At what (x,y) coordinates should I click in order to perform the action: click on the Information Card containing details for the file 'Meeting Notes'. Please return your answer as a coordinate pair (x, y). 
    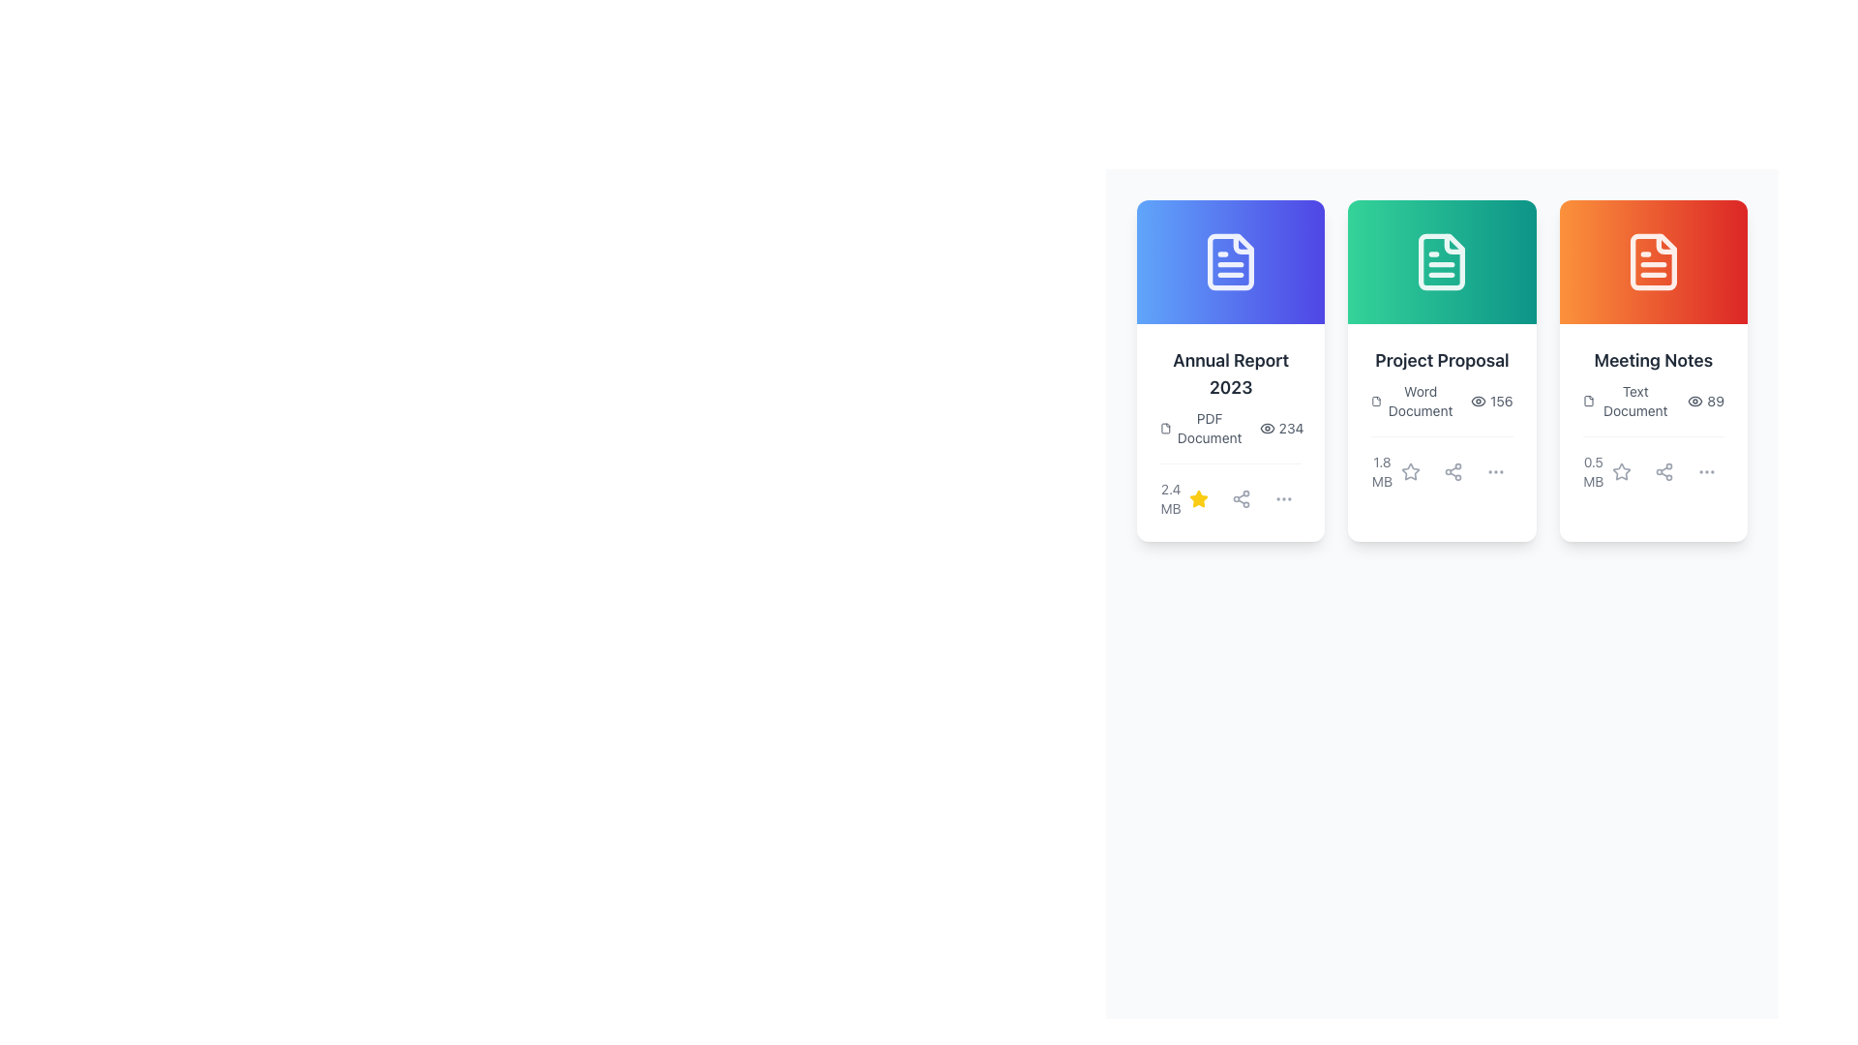
    Looking at the image, I should click on (1652, 371).